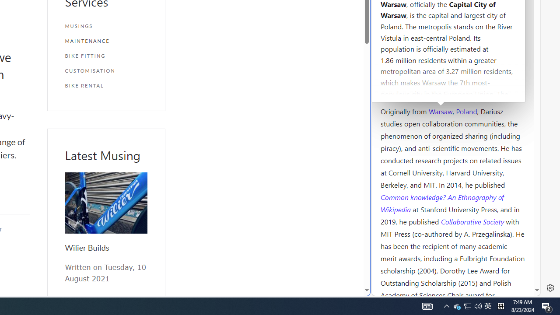 The image size is (560, 315). Describe the element at coordinates (440, 110) in the screenshot. I see `'Warsaw'` at that location.